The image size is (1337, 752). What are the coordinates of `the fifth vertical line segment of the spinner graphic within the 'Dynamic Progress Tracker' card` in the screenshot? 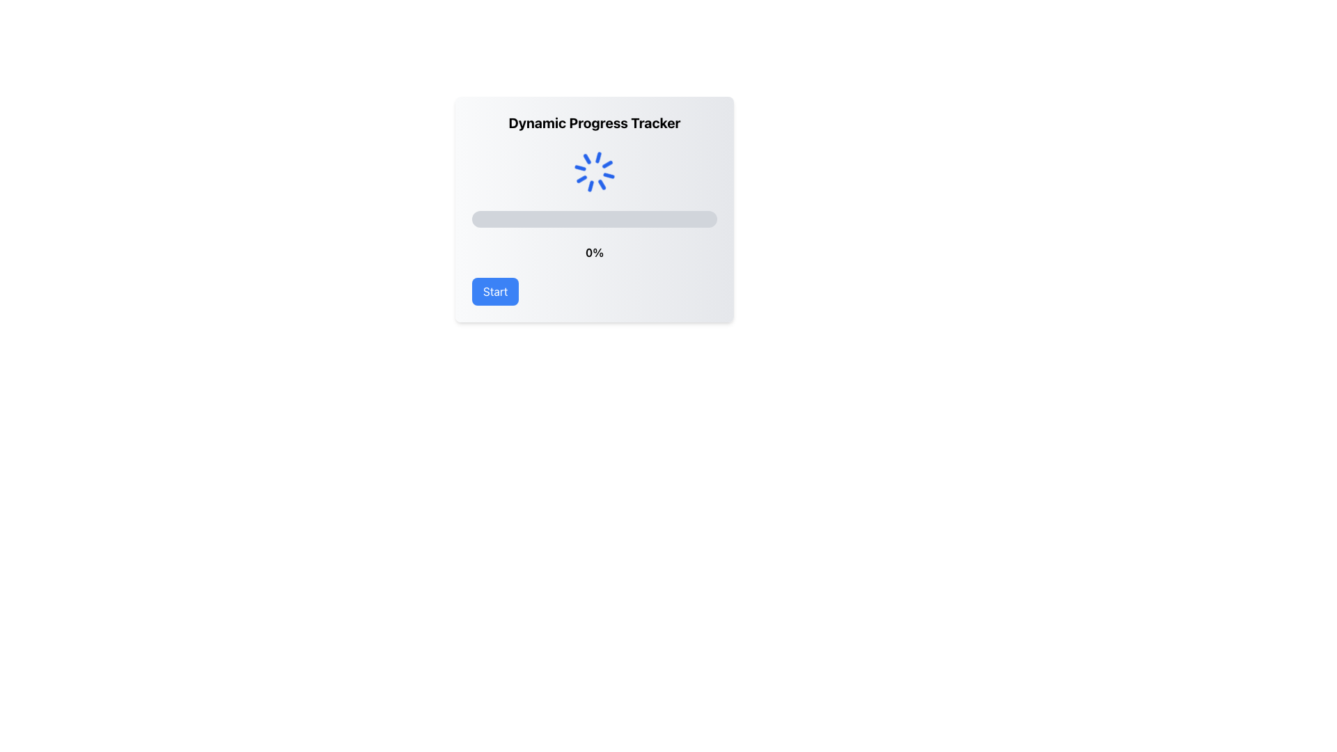 It's located at (590, 157).